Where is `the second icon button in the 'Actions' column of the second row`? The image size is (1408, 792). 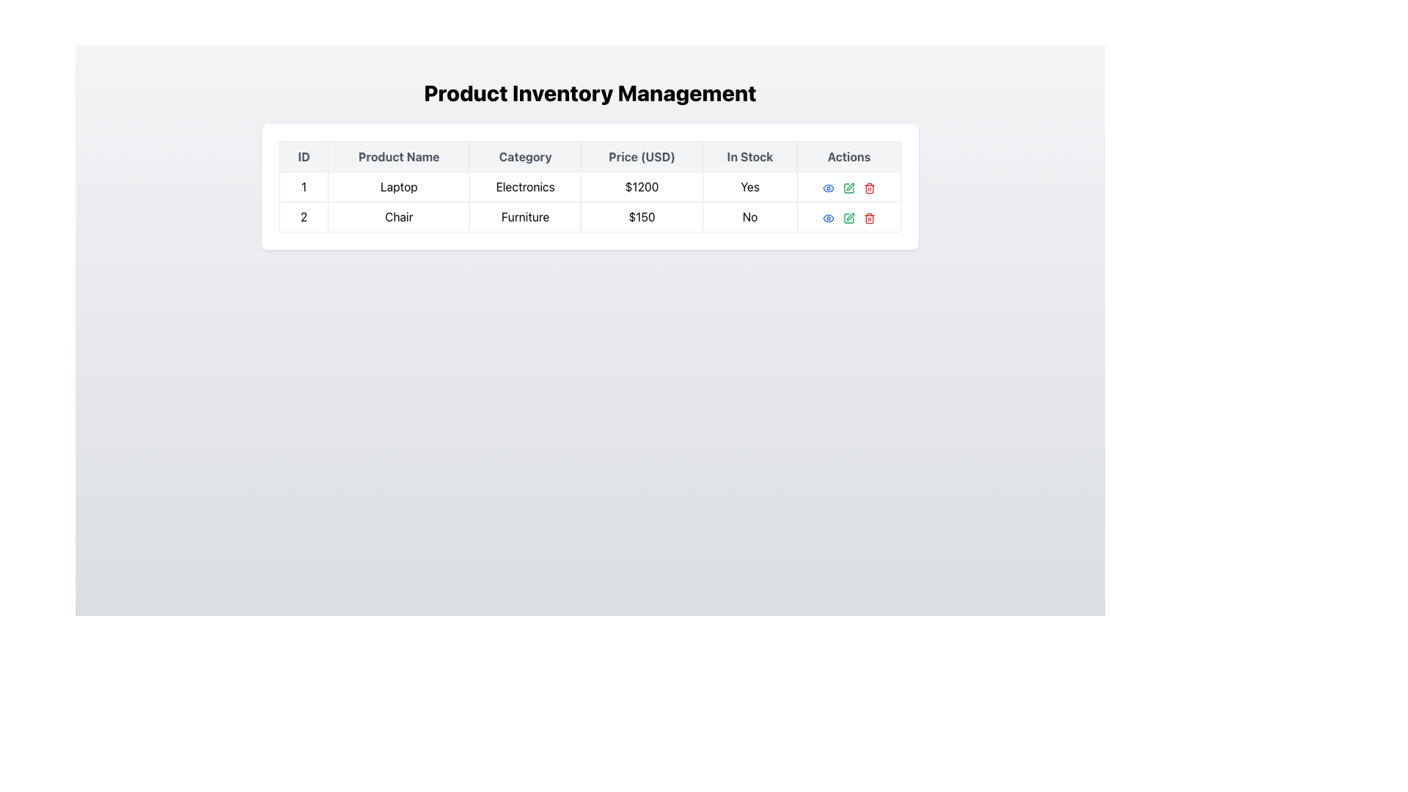 the second icon button in the 'Actions' column of the second row is located at coordinates (848, 218).